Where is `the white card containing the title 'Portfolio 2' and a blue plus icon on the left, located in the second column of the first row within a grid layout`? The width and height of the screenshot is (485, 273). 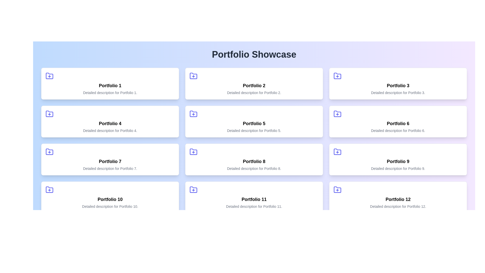 the white card containing the title 'Portfolio 2' and a blue plus icon on the left, located in the second column of the first row within a grid layout is located at coordinates (254, 83).